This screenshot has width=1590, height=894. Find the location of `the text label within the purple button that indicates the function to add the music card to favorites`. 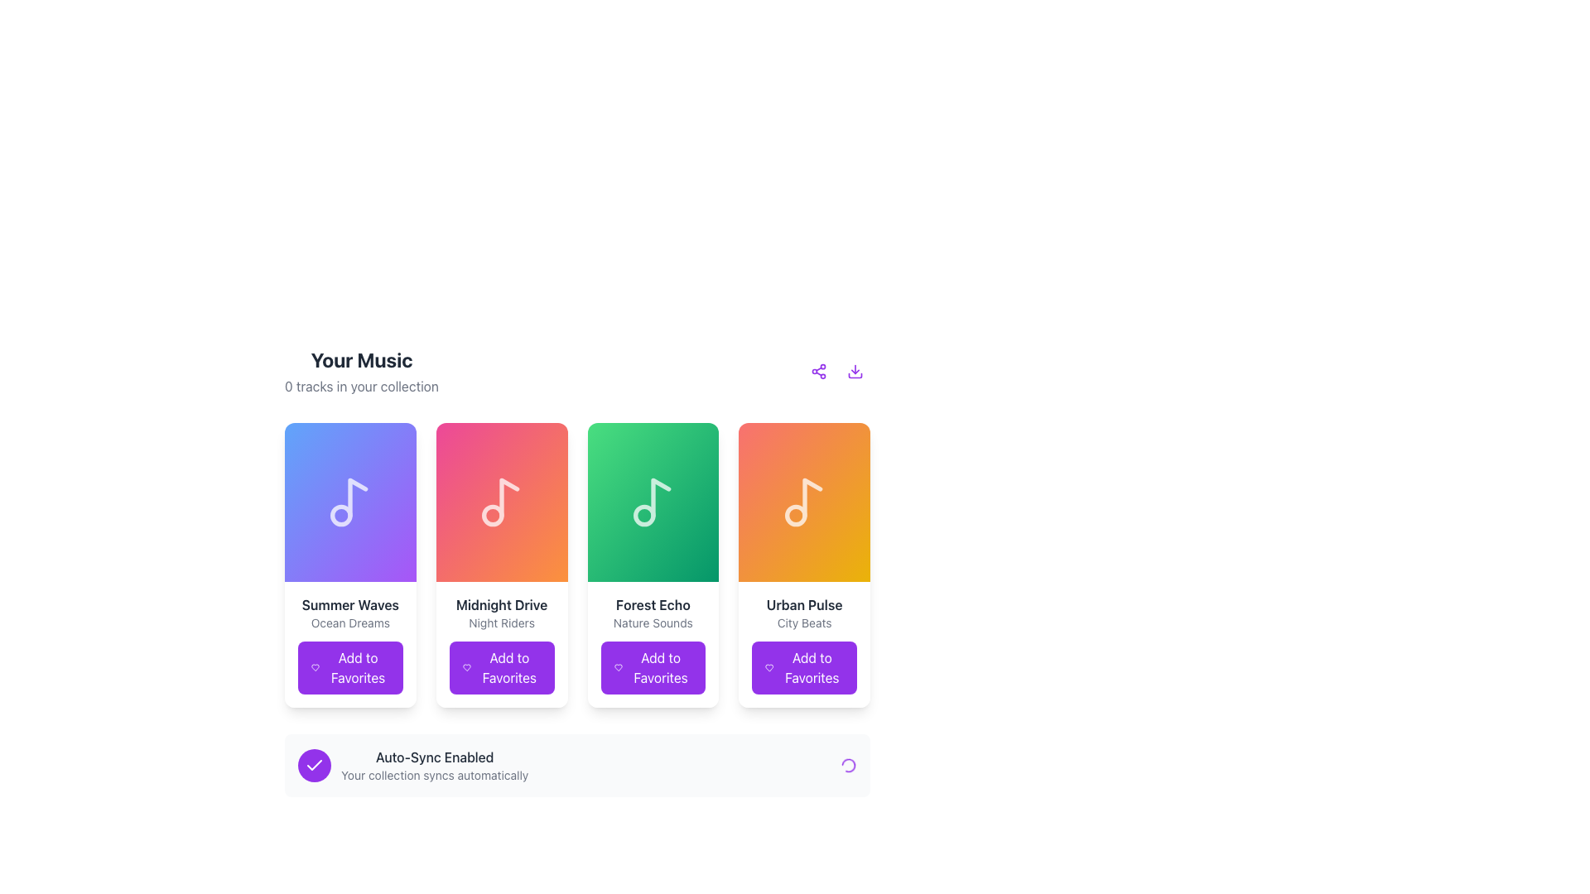

the text label within the purple button that indicates the function to add the music card to favorites is located at coordinates (357, 666).